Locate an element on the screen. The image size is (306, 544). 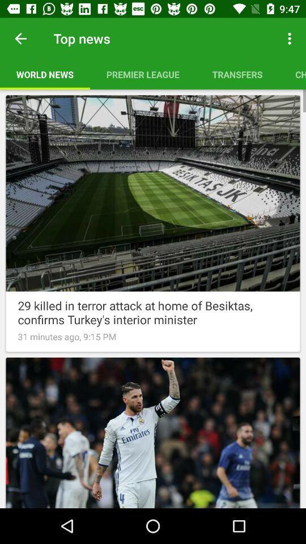
the icon next to transfers item is located at coordinates (143, 74).